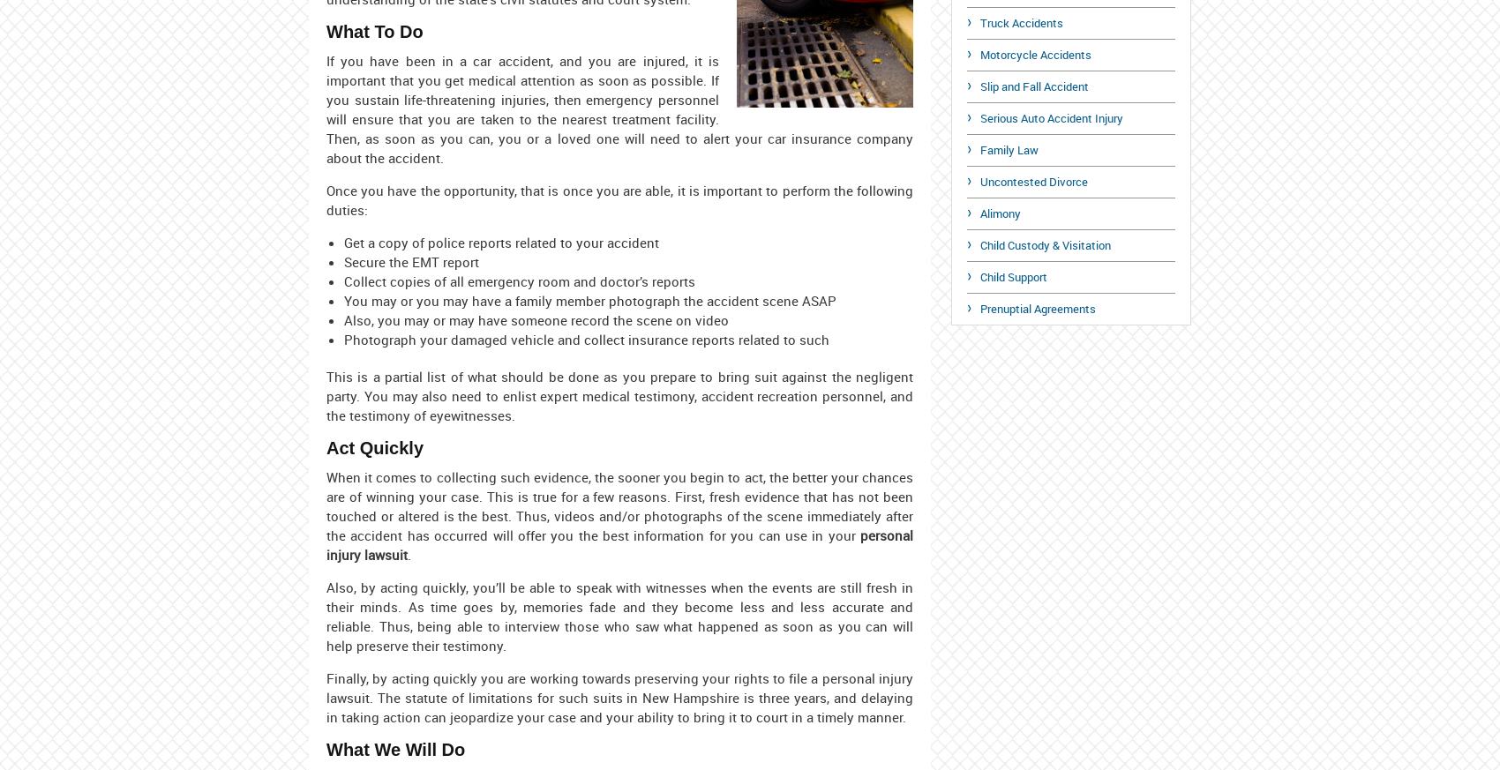 This screenshot has width=1500, height=770. I want to click on 'What To Do', so click(373, 30).